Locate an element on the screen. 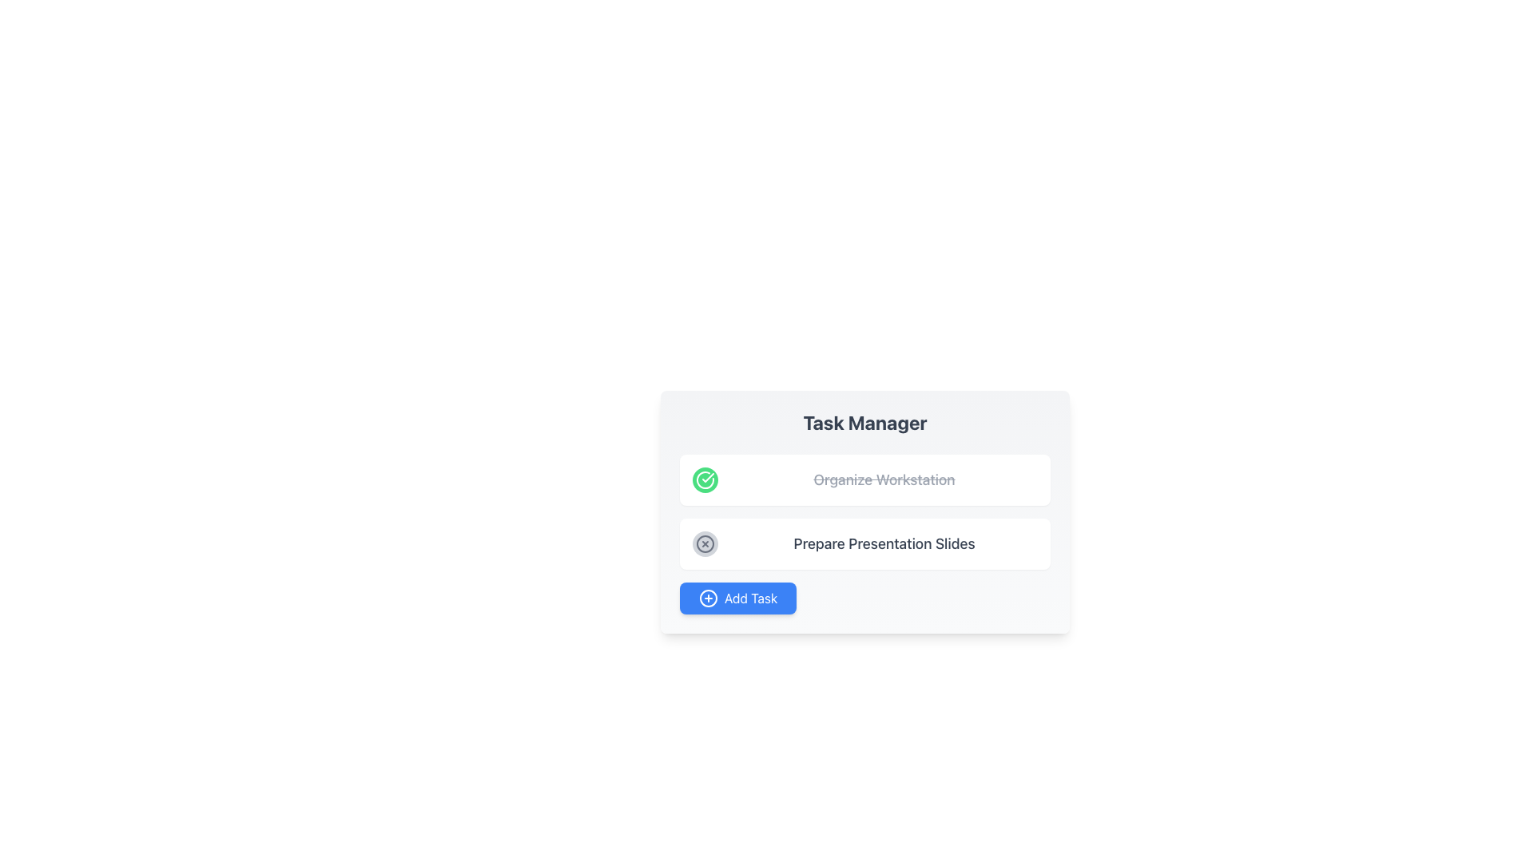 This screenshot has height=863, width=1534. the status indicator icon located in the second row of the task list, to the left of the text 'Prepare Presentation Slides' is located at coordinates (705, 543).